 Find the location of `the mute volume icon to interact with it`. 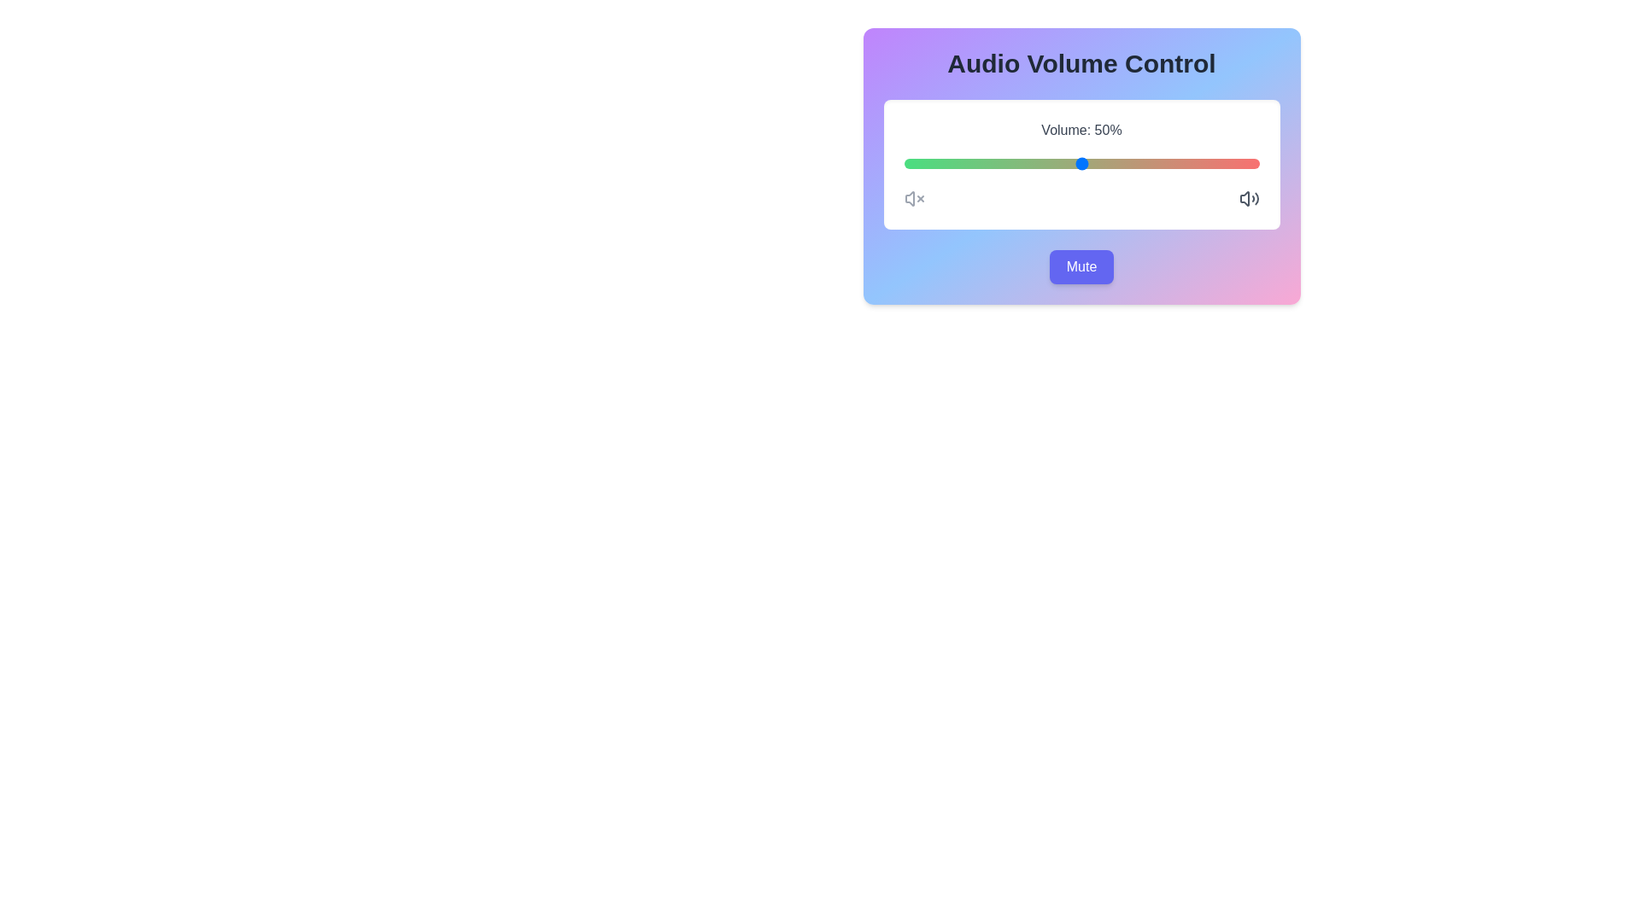

the mute volume icon to interact with it is located at coordinates (913, 197).